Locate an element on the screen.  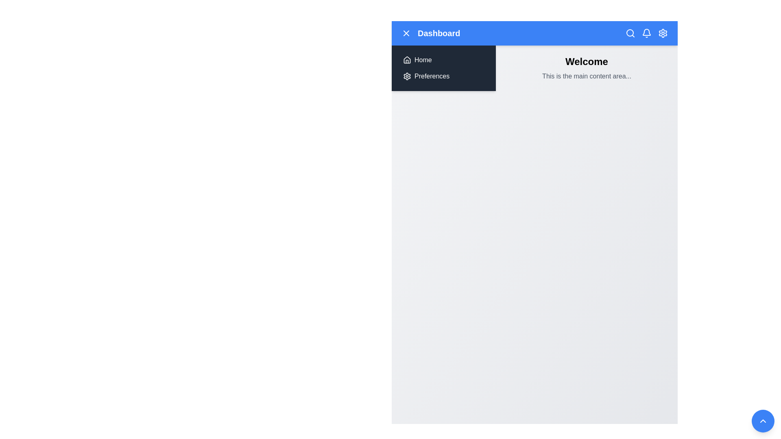
the 'Home' text label element in the vertical navigation menu, which is styled in white against a dark background and is positioned below a house icon is located at coordinates (423, 59).